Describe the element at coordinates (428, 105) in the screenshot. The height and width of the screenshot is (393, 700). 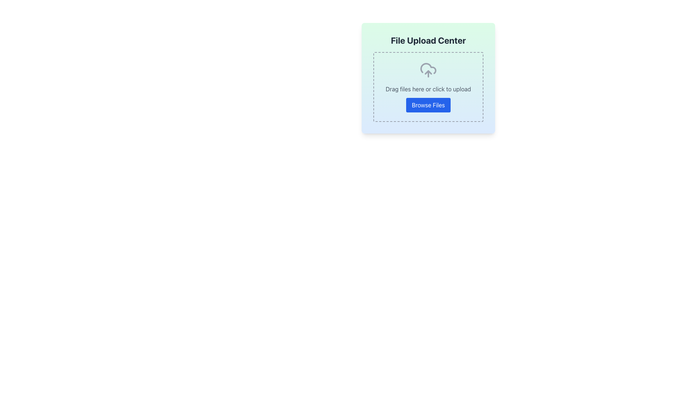
I see `the 'Browse Files' button, which is a rectangular button with a blue background and white text` at that location.